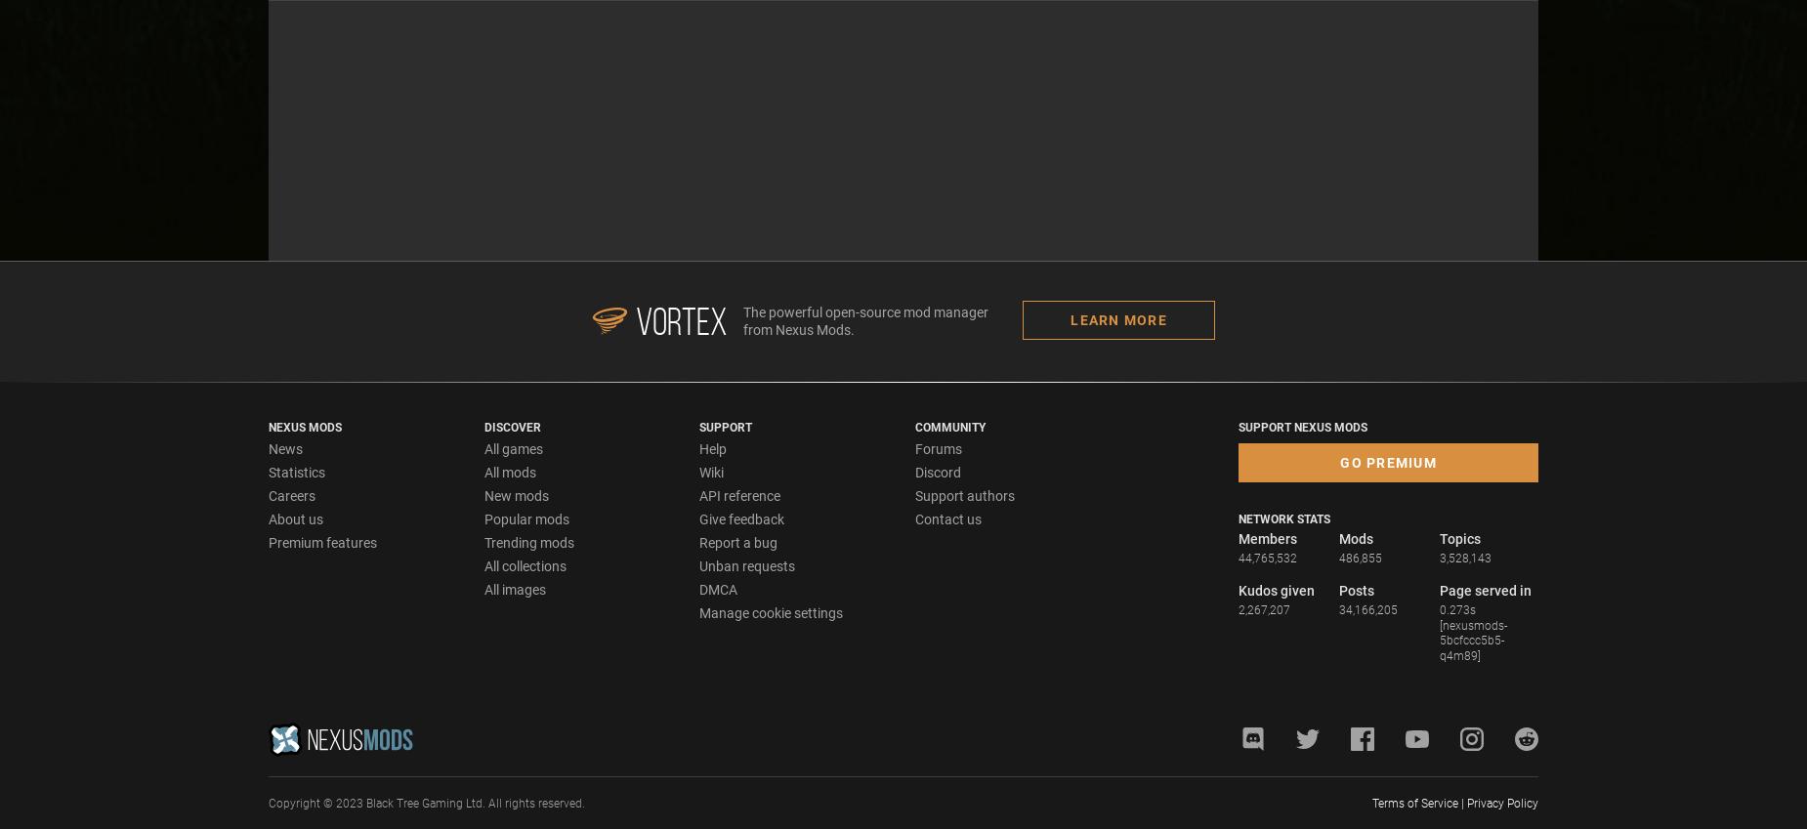 The height and width of the screenshot is (829, 1807). What do you see at coordinates (743, 319) in the screenshot?
I see `'The powerful open-source mod manager from Nexus Mods.'` at bounding box center [743, 319].